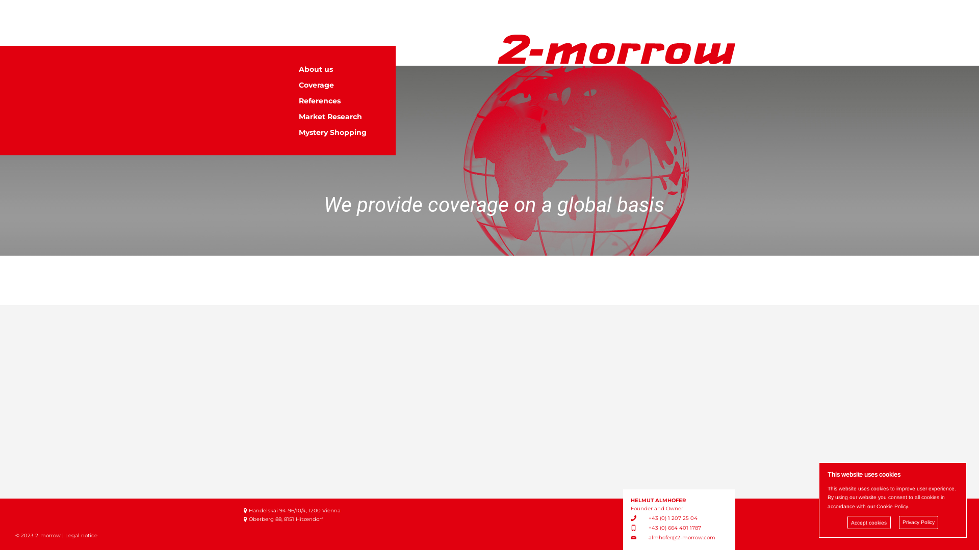 This screenshot has height=550, width=979. I want to click on 'Coverage', so click(284, 84).